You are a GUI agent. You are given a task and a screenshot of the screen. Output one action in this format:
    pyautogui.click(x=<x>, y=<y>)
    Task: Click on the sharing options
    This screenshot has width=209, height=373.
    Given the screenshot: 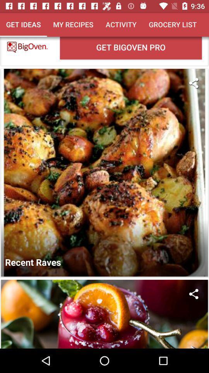 What is the action you would take?
    pyautogui.click(x=193, y=83)
    